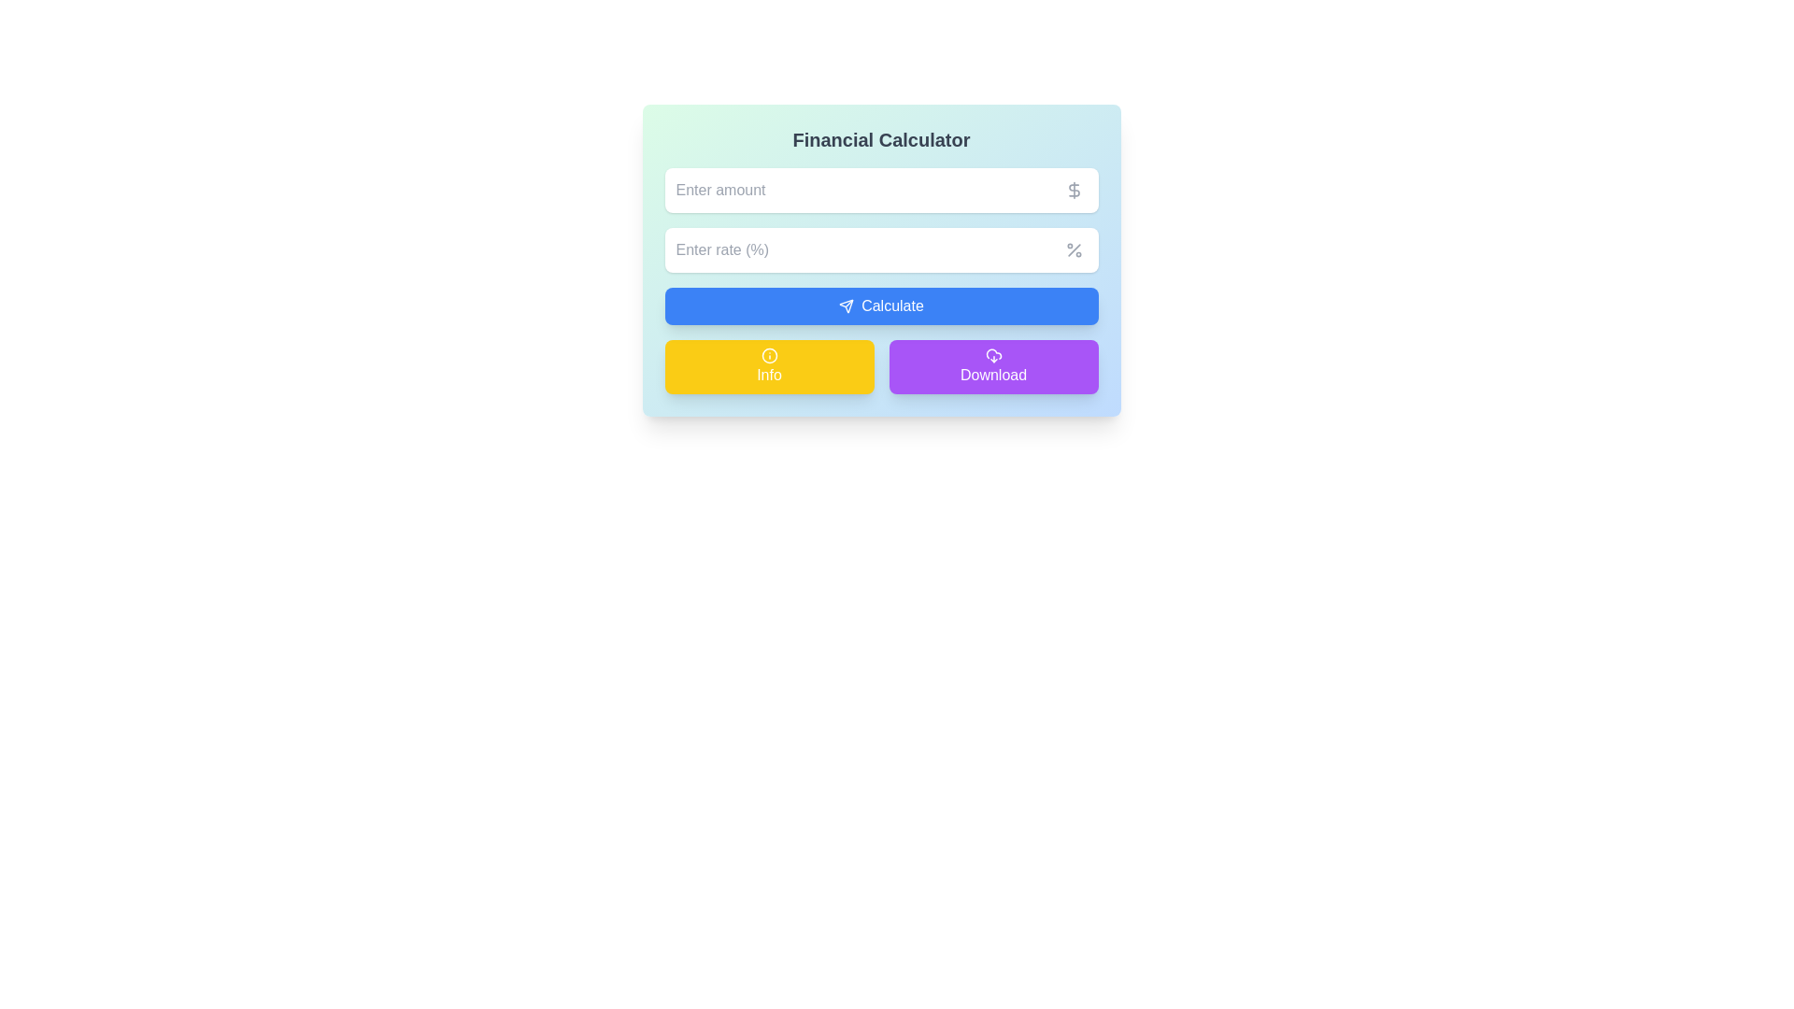 The width and height of the screenshot is (1794, 1009). What do you see at coordinates (880, 191) in the screenshot?
I see `the text within the text input field labeled 'Enter amount' by dragging the cursor across it` at bounding box center [880, 191].